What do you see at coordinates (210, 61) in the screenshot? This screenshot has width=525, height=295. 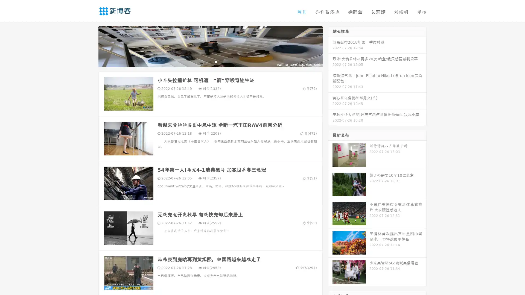 I see `Go to slide 2` at bounding box center [210, 61].